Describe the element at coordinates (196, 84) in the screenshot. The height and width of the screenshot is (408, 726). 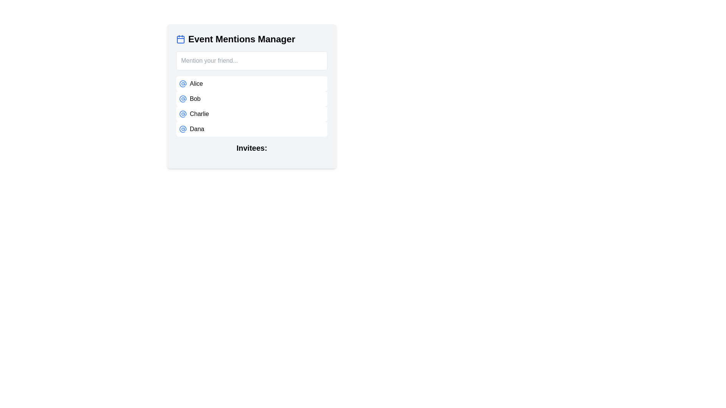
I see `the Text label displaying 'Alice', located next to the blue '@' icon` at that location.